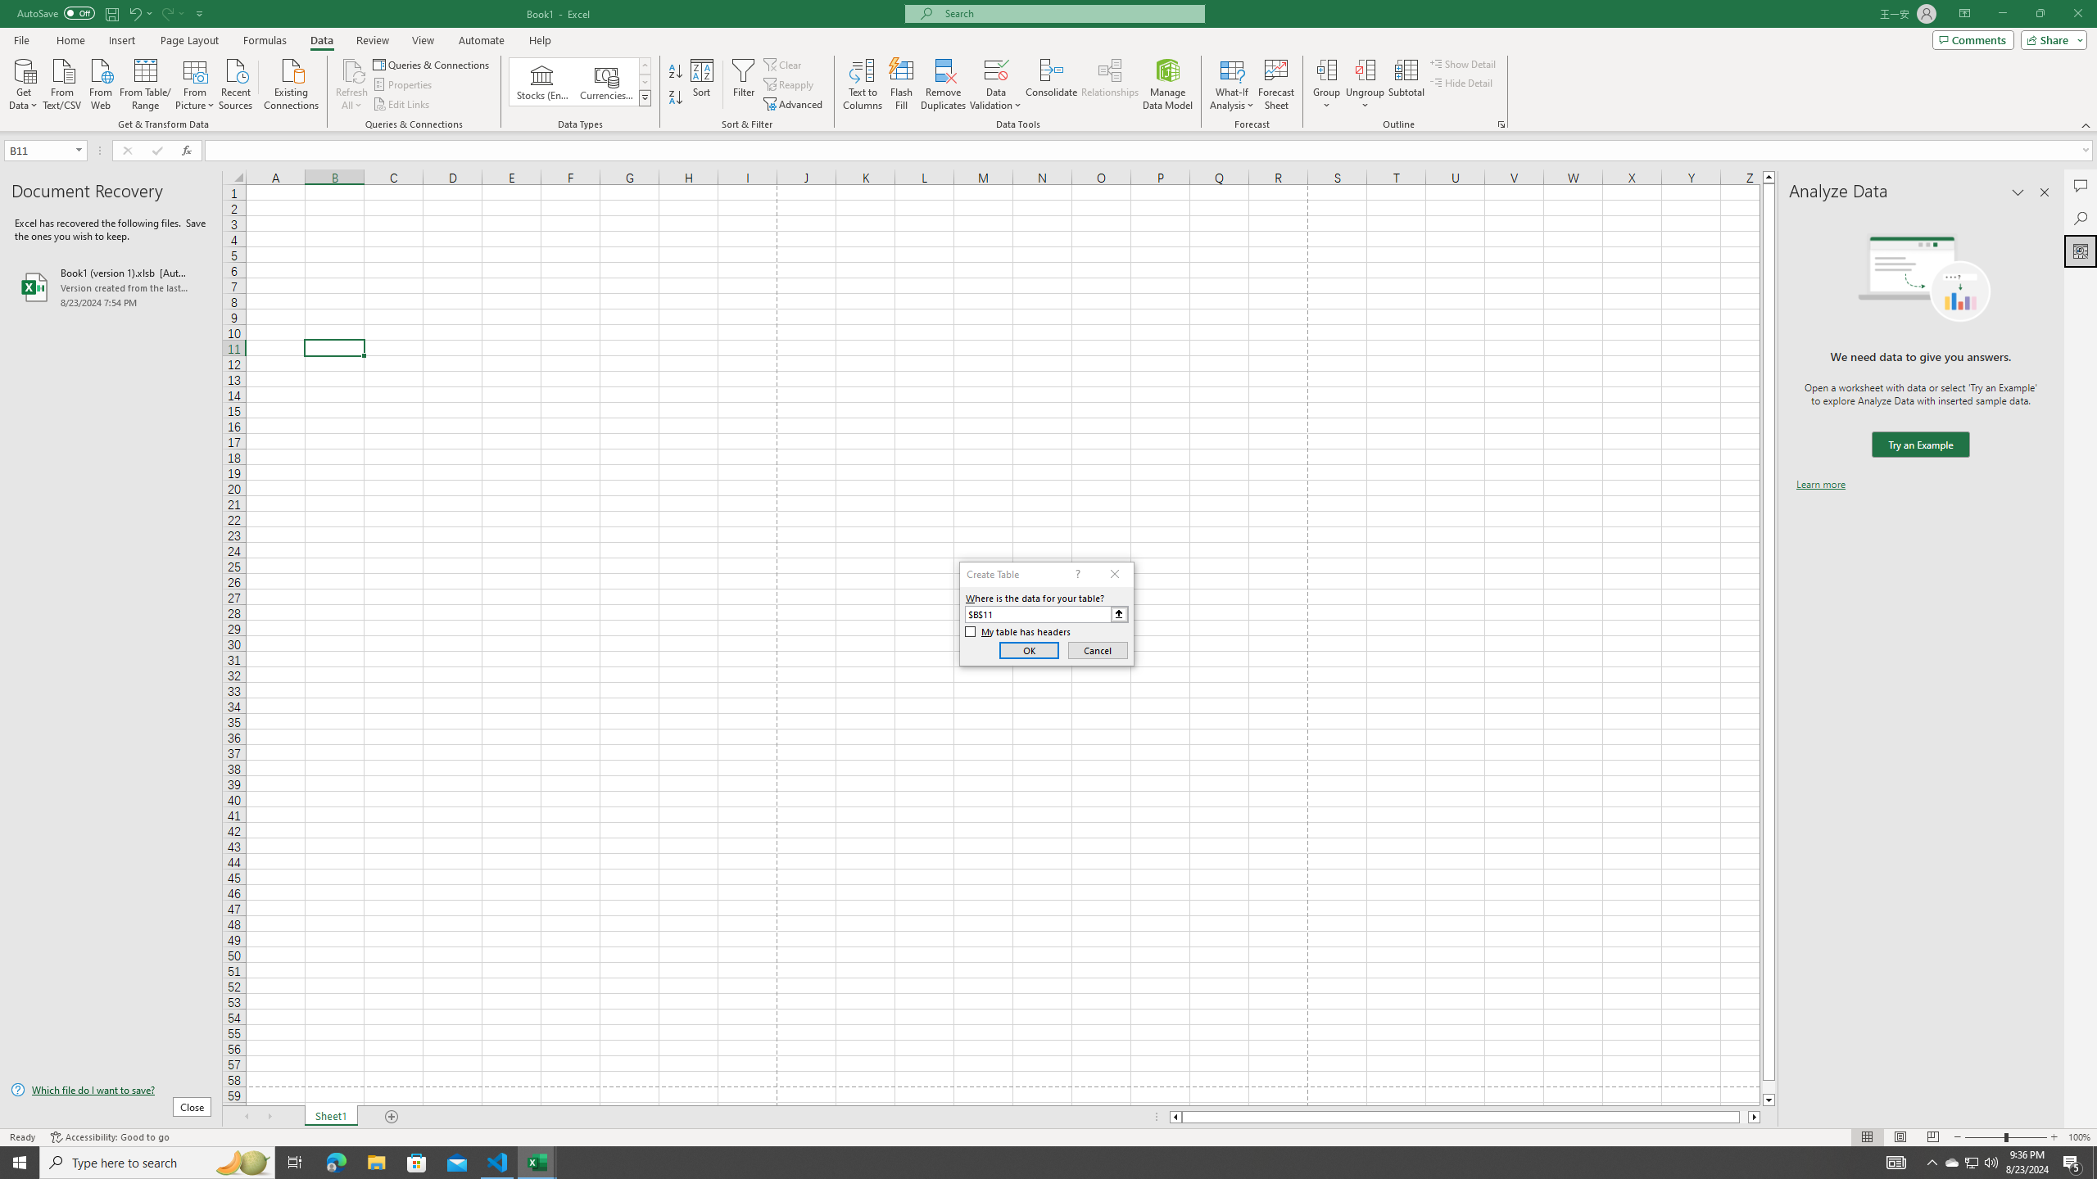 The width and height of the screenshot is (2097, 1179). Describe the element at coordinates (1051, 84) in the screenshot. I see `'Consolidate...'` at that location.